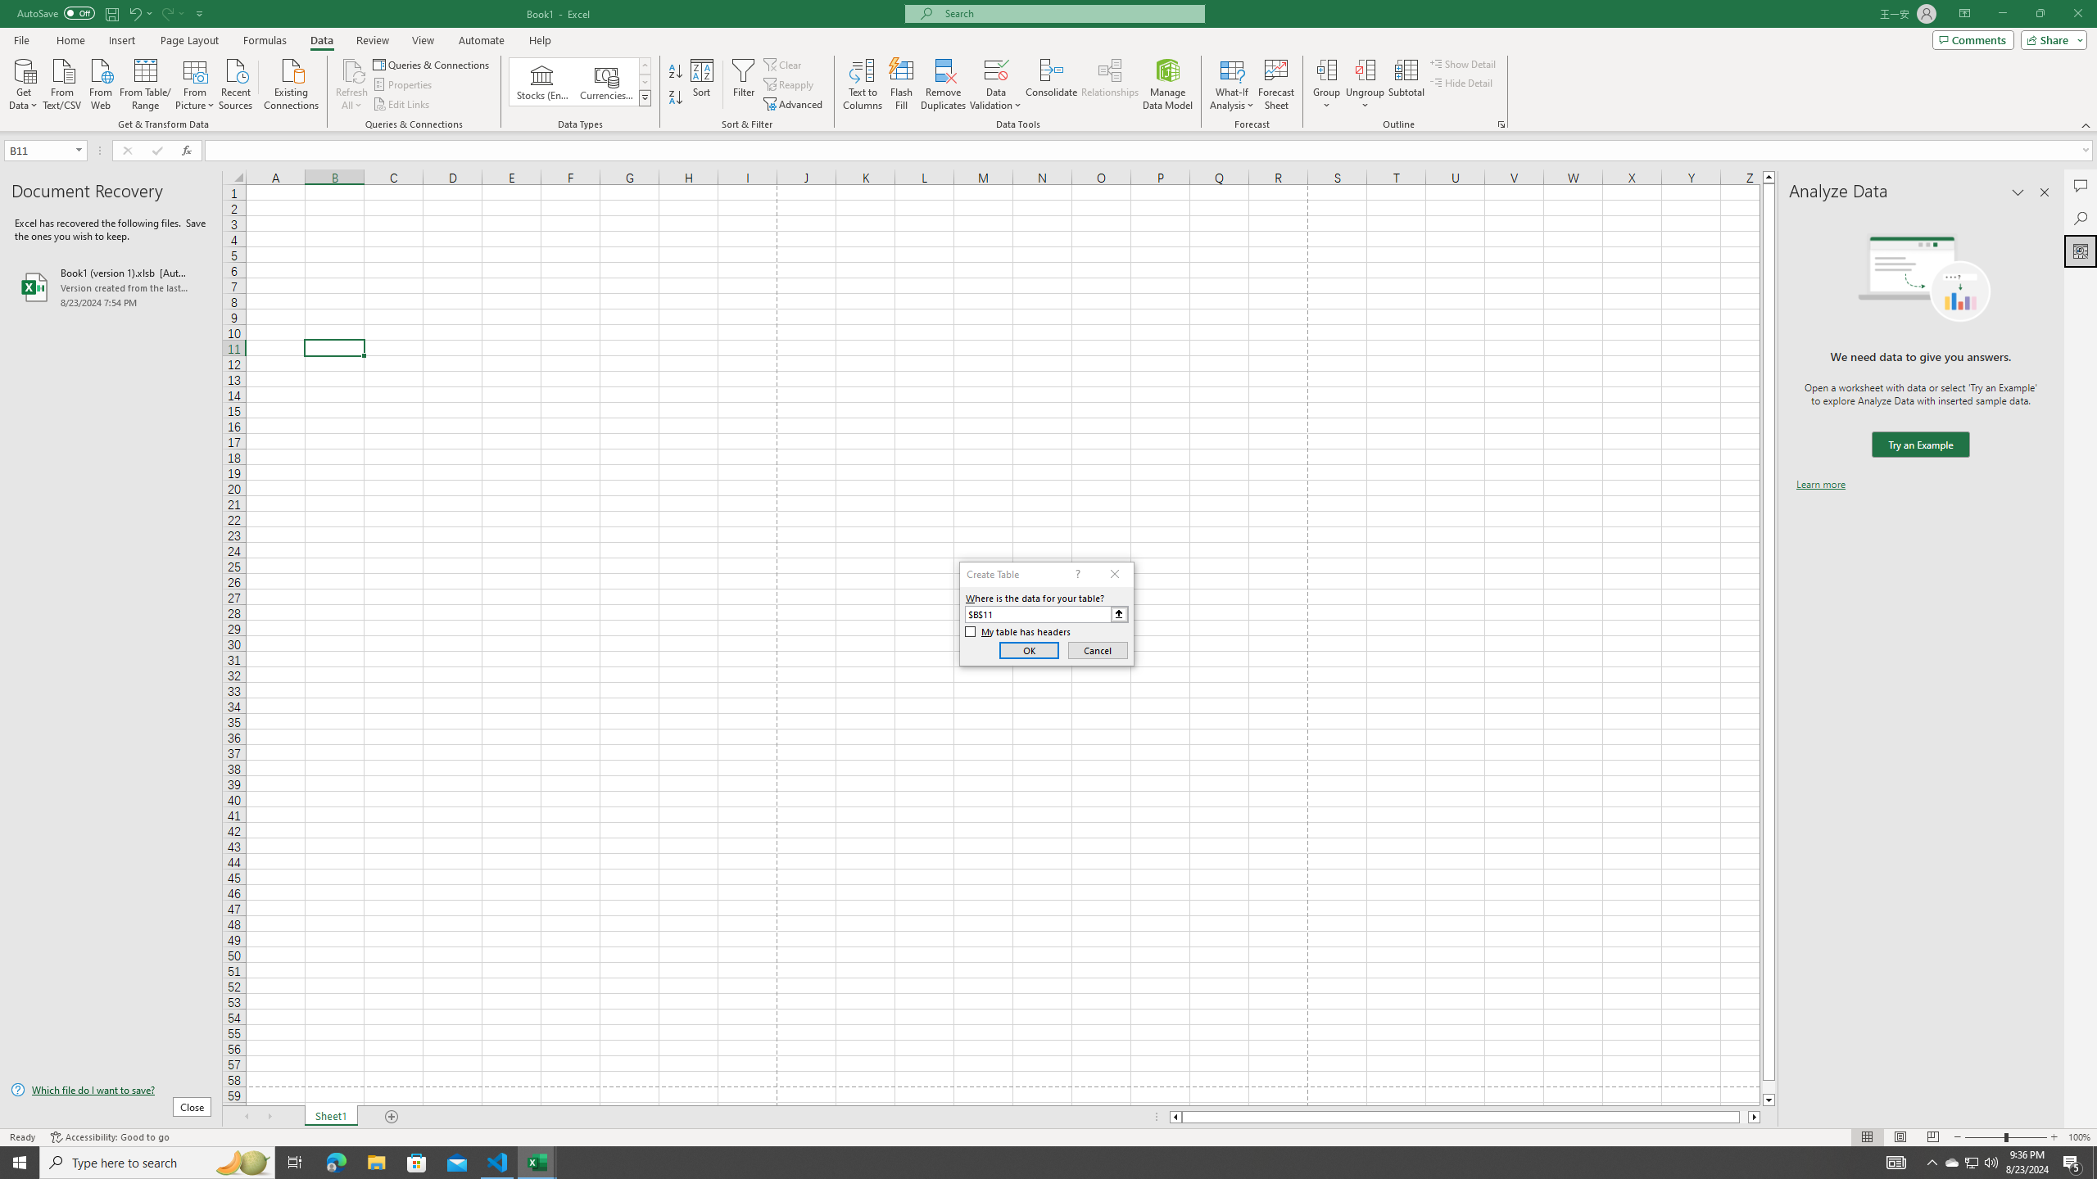 The width and height of the screenshot is (2097, 1179). Describe the element at coordinates (1051, 84) in the screenshot. I see `'Consolidate...'` at that location.